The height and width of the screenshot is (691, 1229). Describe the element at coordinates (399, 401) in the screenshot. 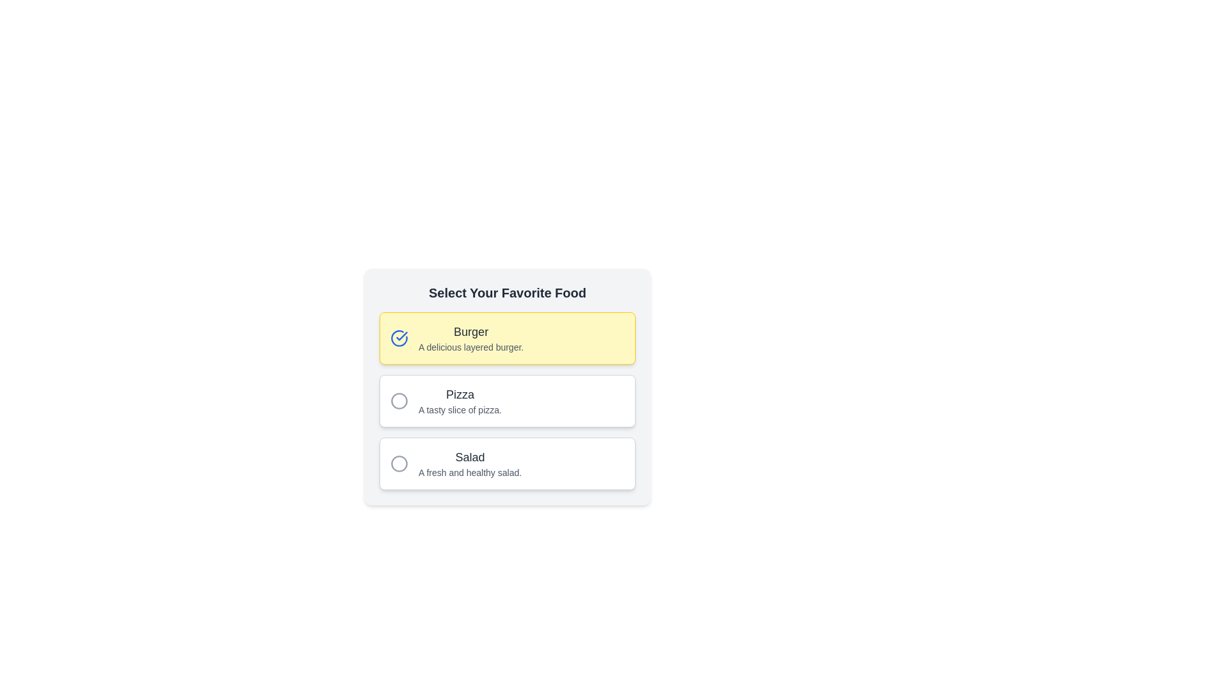

I see `the radio button styled as a circle icon located to the left of the text 'Pizza'` at that location.